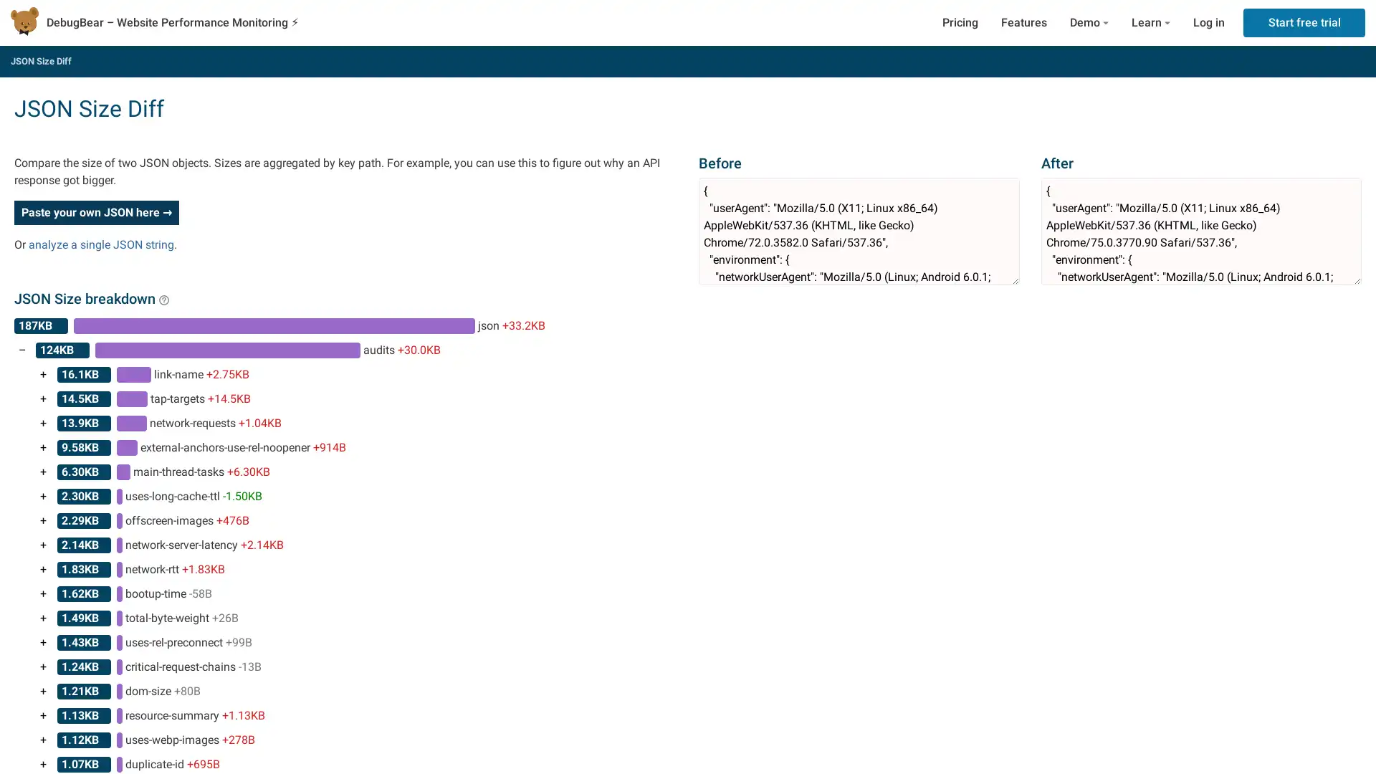 This screenshot has height=774, width=1376. Describe the element at coordinates (43, 472) in the screenshot. I see `+` at that location.